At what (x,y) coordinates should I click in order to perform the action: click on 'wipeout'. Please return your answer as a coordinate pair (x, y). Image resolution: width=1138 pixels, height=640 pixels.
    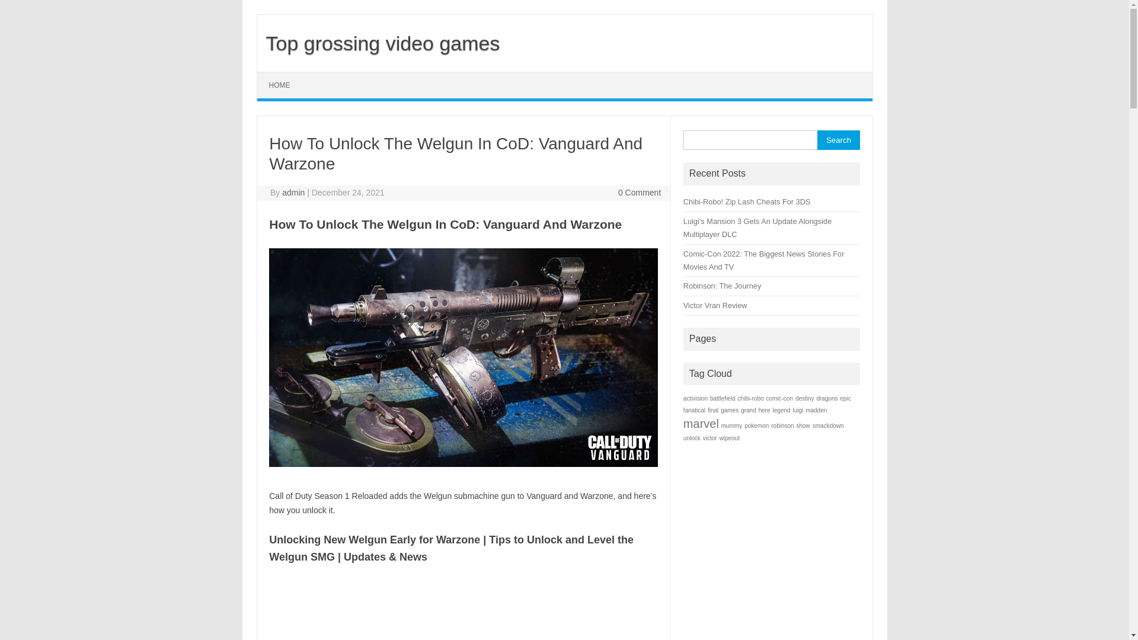
    Looking at the image, I should click on (728, 438).